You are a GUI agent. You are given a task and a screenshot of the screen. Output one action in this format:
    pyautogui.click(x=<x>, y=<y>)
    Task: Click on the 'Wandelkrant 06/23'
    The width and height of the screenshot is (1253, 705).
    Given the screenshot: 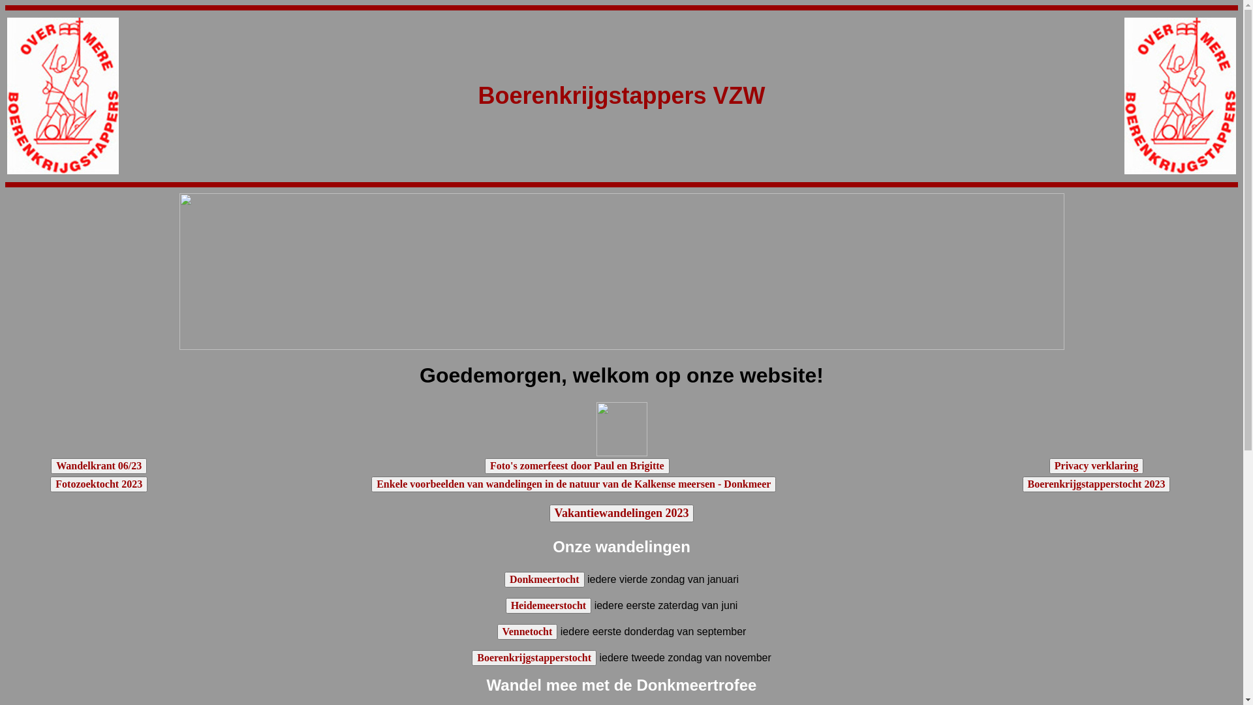 What is the action you would take?
    pyautogui.click(x=98, y=465)
    